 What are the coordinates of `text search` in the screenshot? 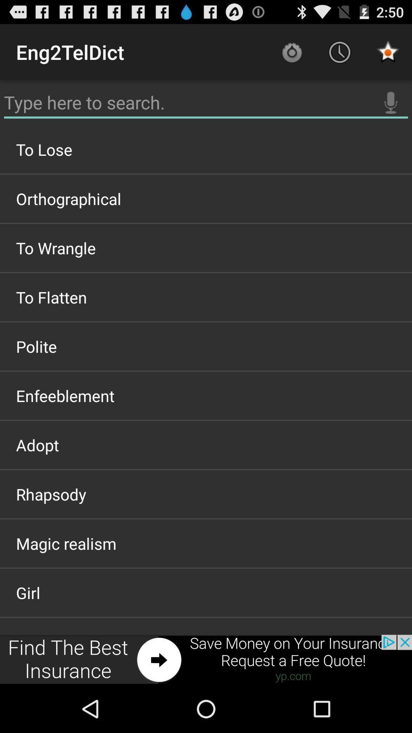 It's located at (206, 102).